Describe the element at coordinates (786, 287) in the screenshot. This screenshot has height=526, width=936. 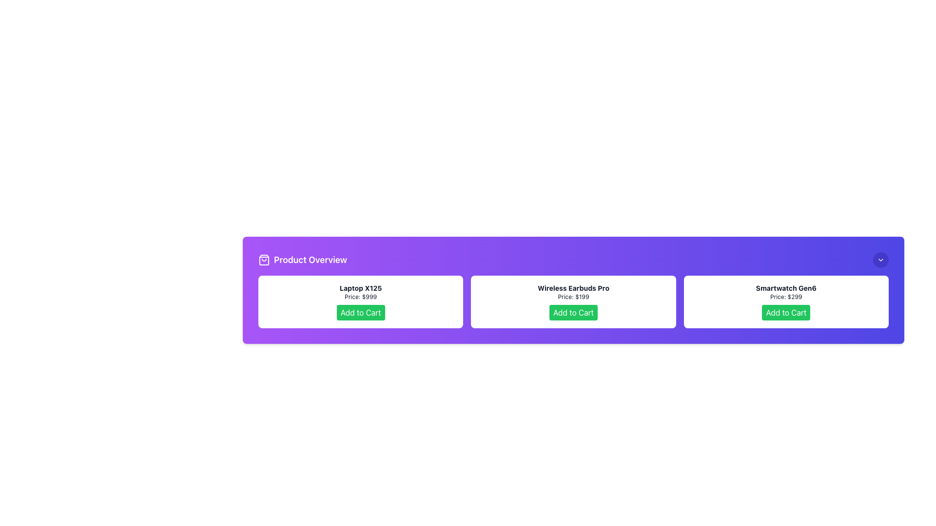
I see `the product title label located at the top of the product card in the 'Product Overview' section` at that location.